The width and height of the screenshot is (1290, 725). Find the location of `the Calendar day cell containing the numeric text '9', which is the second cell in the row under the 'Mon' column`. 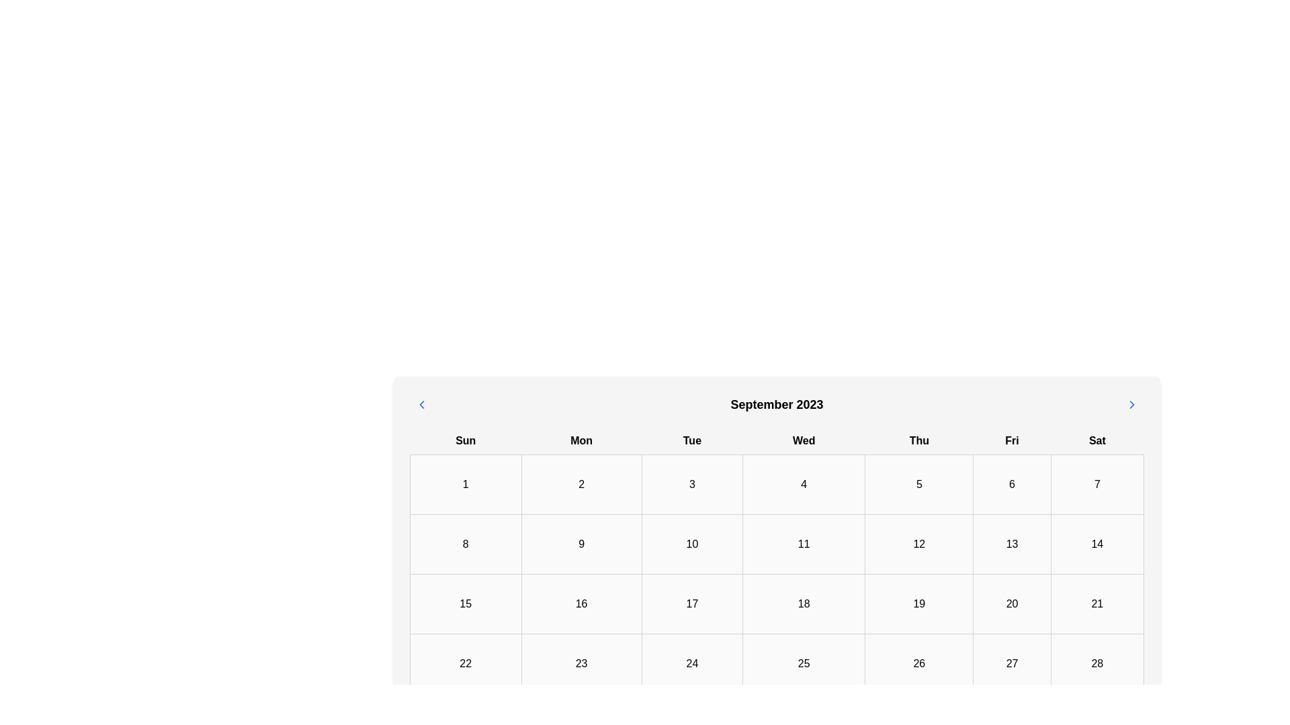

the Calendar day cell containing the numeric text '9', which is the second cell in the row under the 'Mon' column is located at coordinates (581, 544).